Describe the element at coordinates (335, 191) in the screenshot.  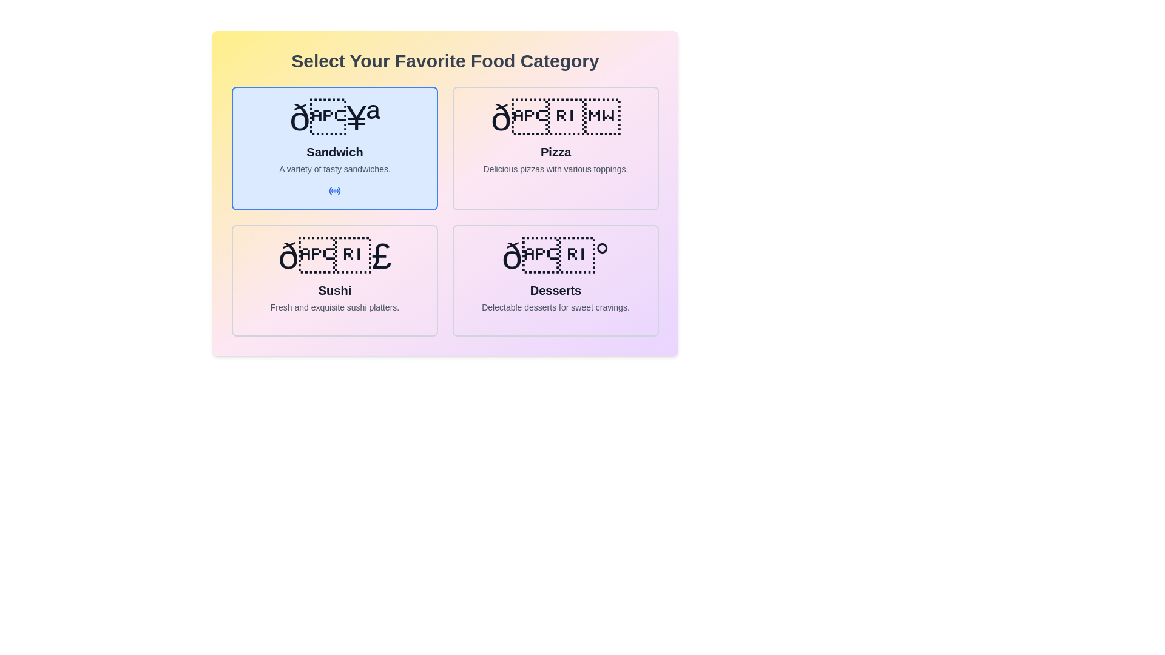
I see `the decorative blue circular radio wave design with a small circle at the center, which is the last visual component within the 'Sandwich' card` at that location.